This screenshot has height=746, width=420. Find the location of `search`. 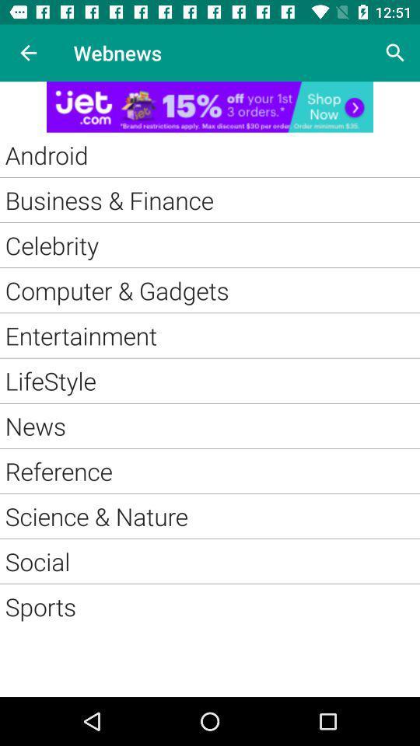

search is located at coordinates (395, 53).